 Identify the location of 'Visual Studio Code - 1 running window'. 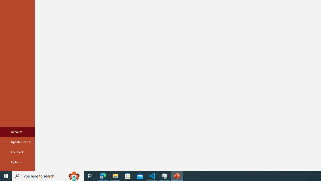
(152, 175).